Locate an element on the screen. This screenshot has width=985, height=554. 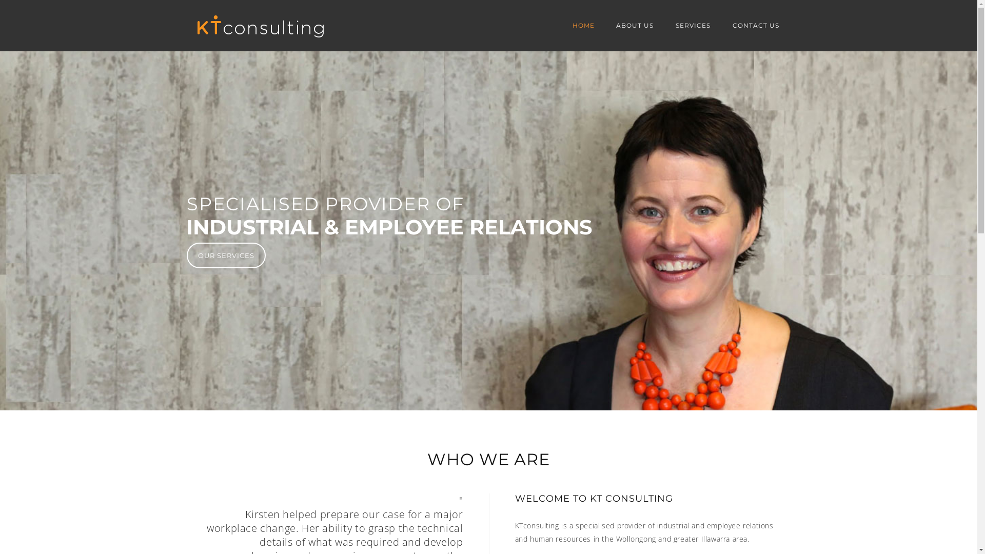
'SERVICES' is located at coordinates (693, 25).